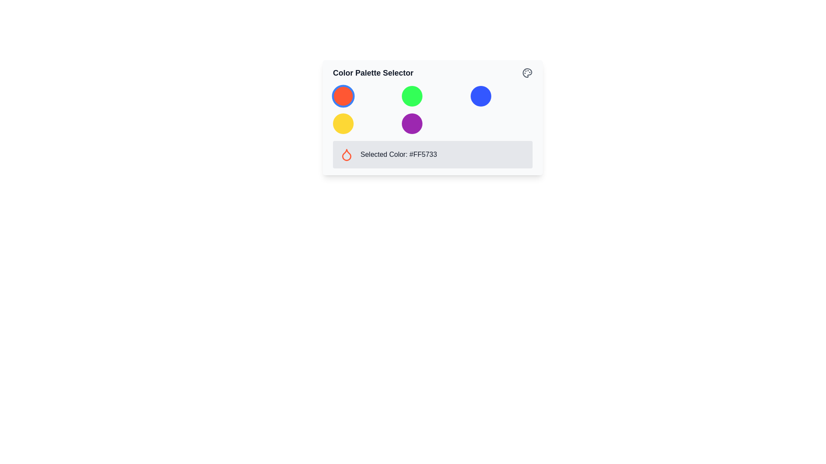 The height and width of the screenshot is (464, 826). Describe the element at coordinates (347, 154) in the screenshot. I see `the droplet-shaped icon with the color #FF5733 located to the left of the text 'Selected Color: #FF5733'` at that location.